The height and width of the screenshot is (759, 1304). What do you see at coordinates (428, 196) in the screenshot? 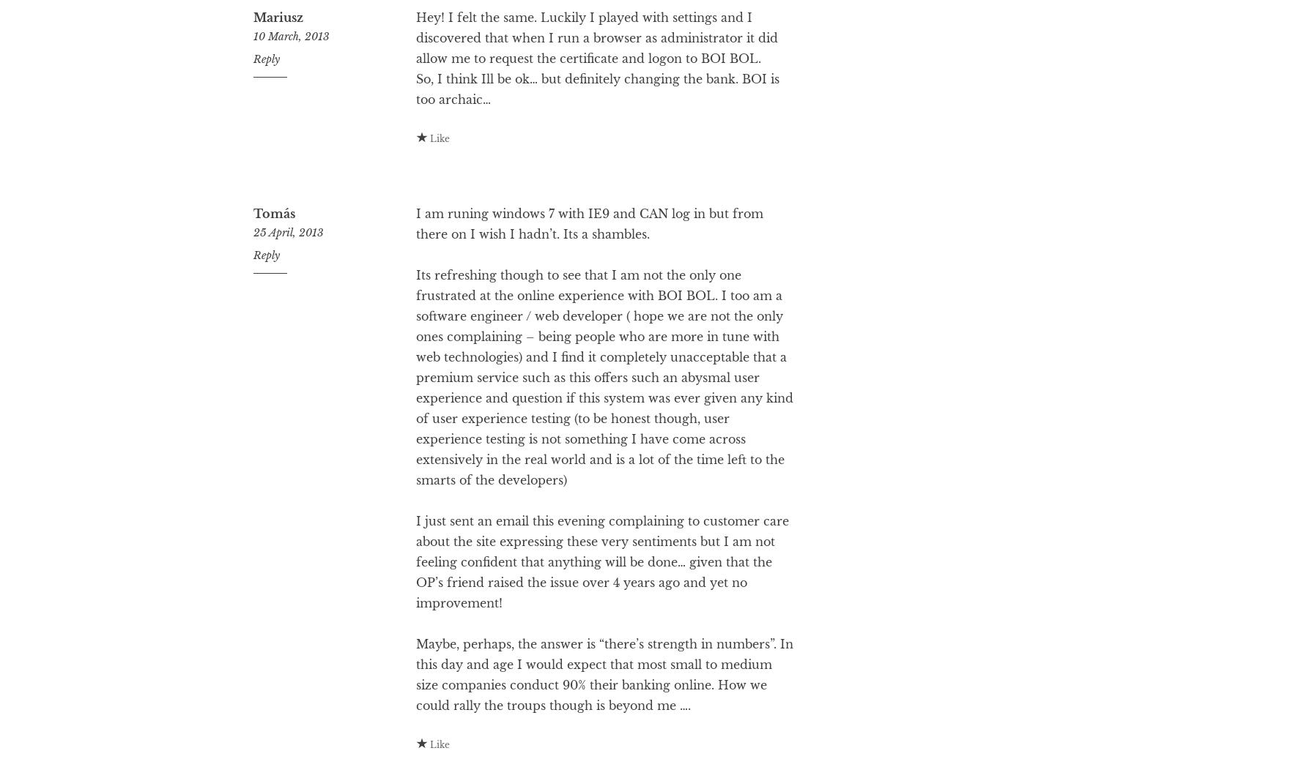
I see `'Like'` at bounding box center [428, 196].